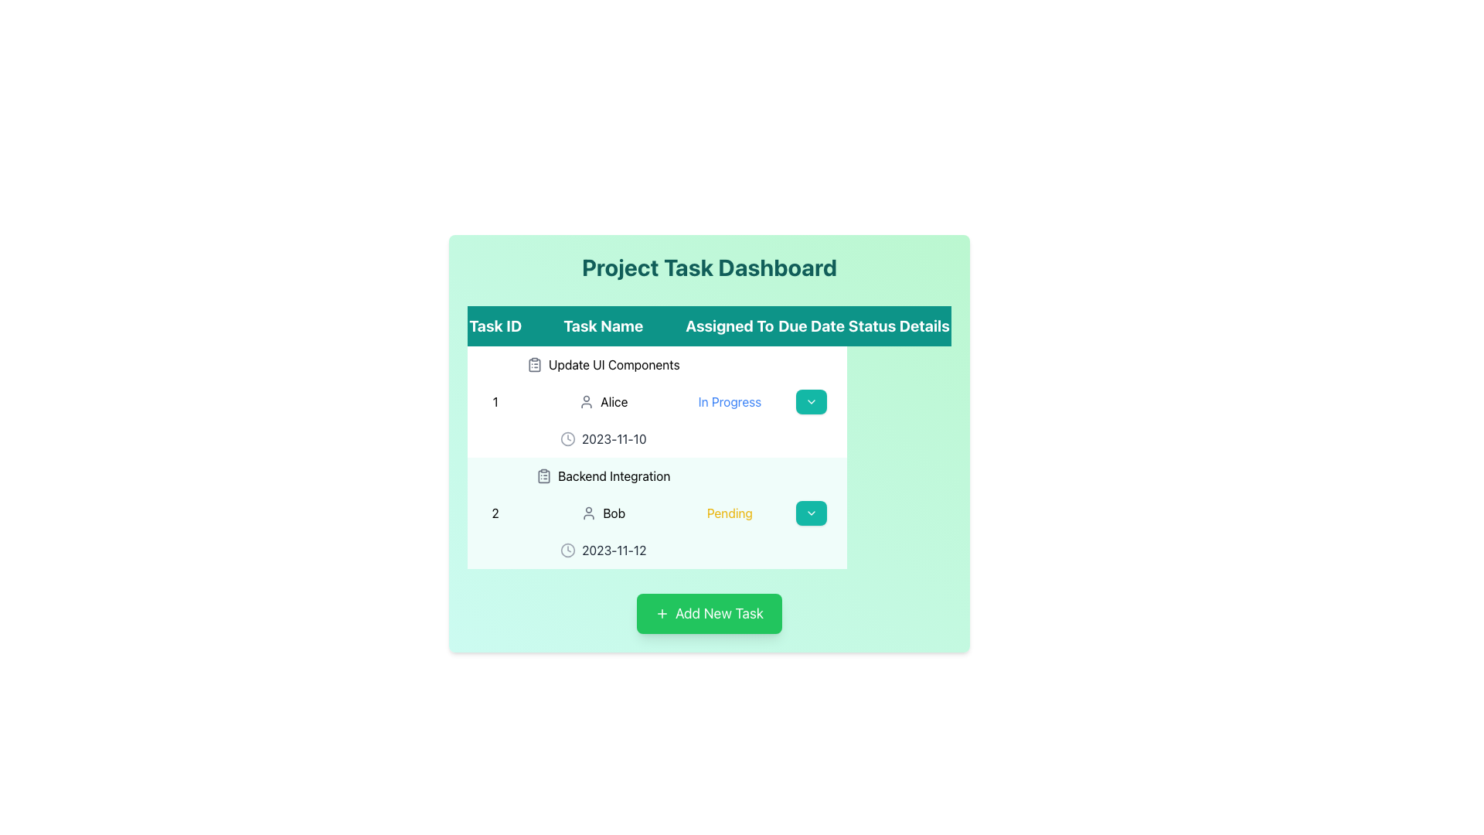  Describe the element at coordinates (495, 325) in the screenshot. I see `the 'Task ID' static text label displayed in white on a teal background, located at the leftmost side of the header row in a task management system` at that location.